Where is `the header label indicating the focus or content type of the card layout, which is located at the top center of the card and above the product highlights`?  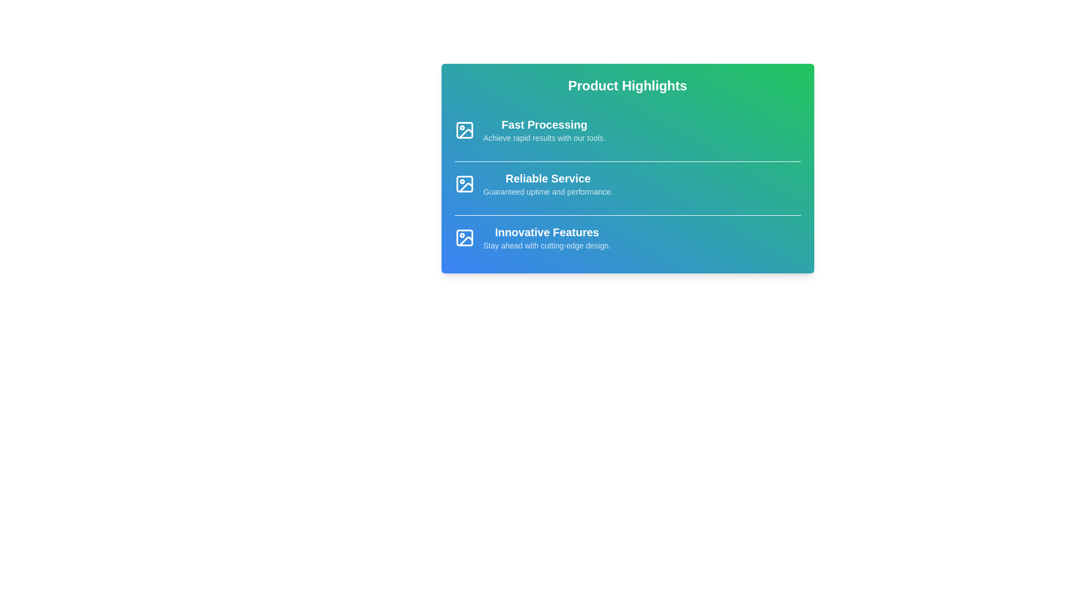
the header label indicating the focus or content type of the card layout, which is located at the top center of the card and above the product highlights is located at coordinates (627, 85).